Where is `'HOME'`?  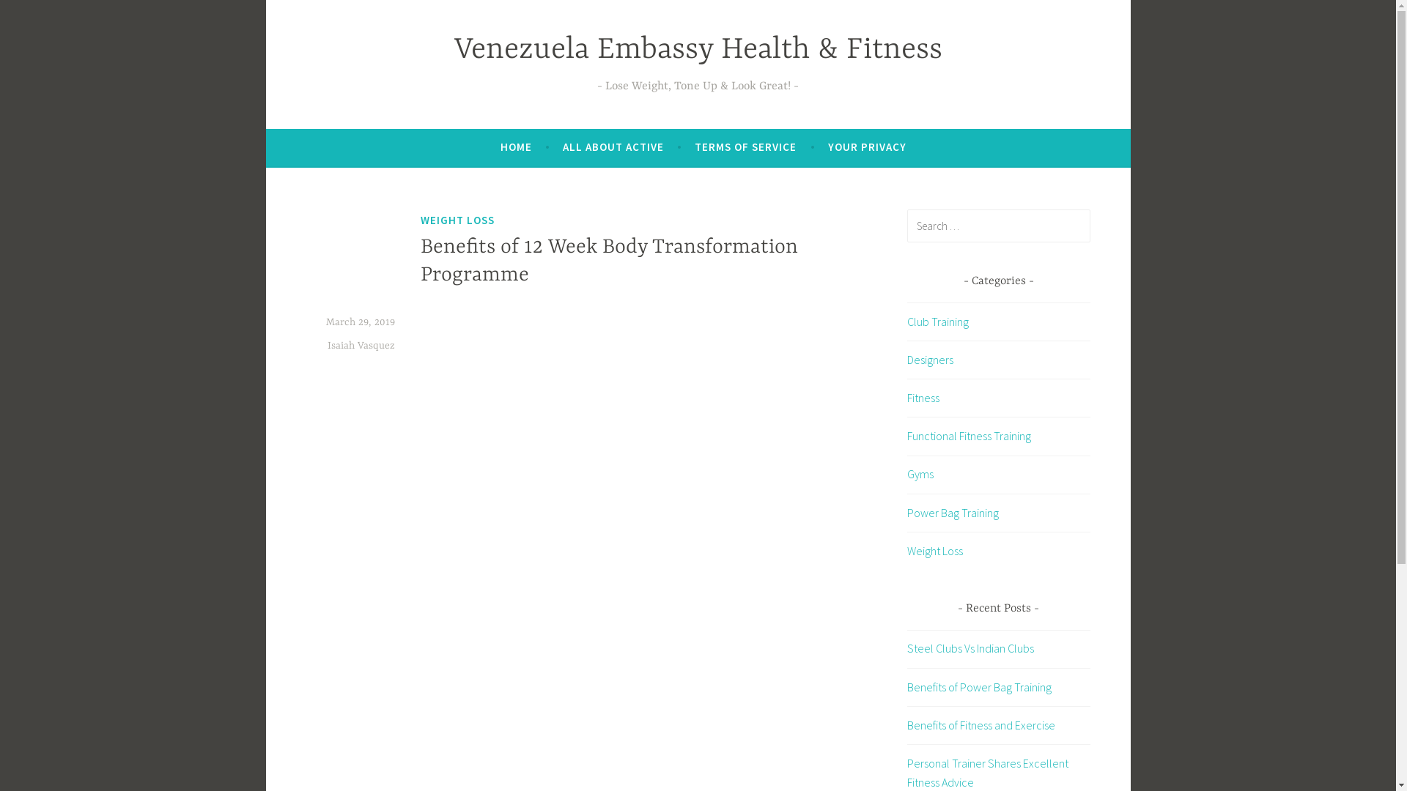 'HOME' is located at coordinates (500, 146).